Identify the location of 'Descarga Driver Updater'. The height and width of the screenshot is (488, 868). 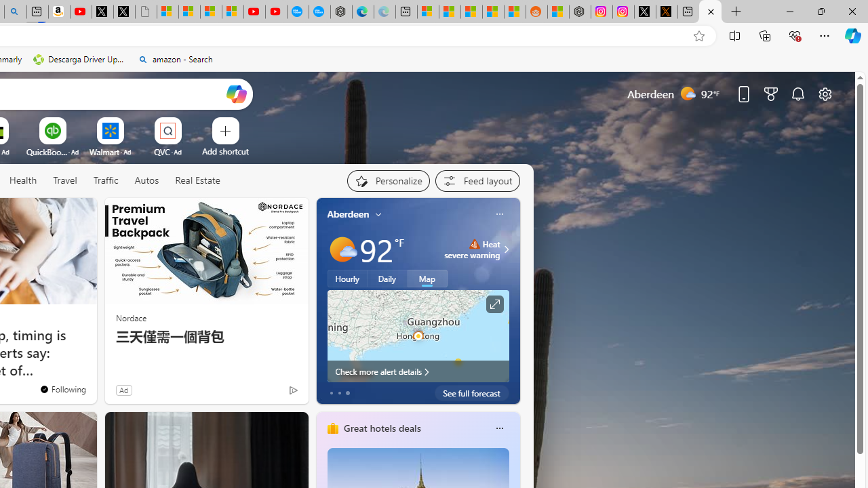
(79, 59).